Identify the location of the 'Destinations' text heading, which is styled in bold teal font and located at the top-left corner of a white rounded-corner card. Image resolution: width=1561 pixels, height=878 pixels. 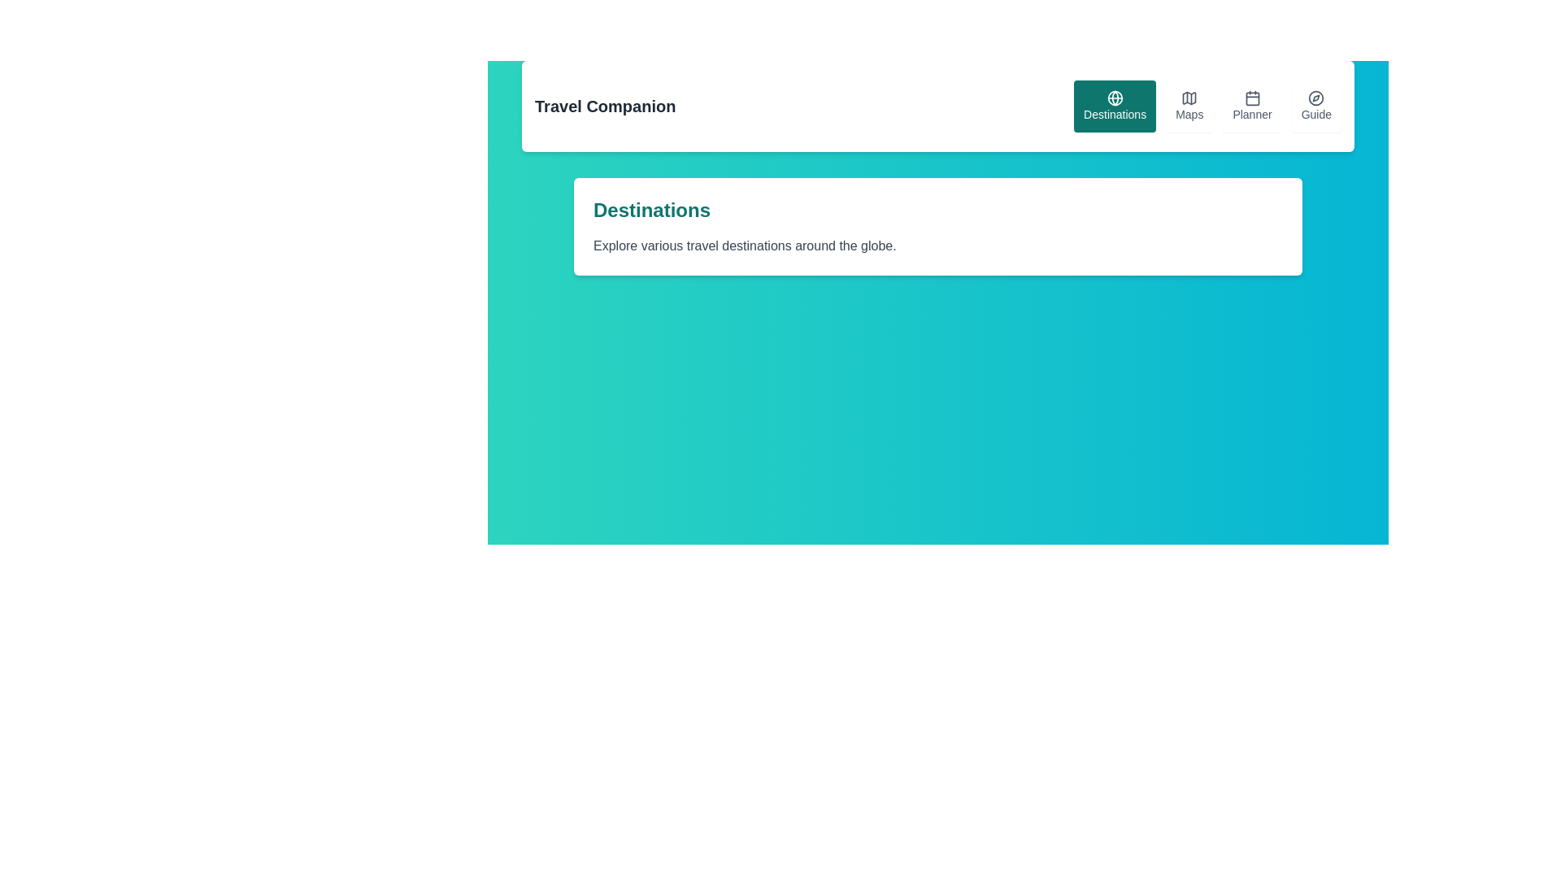
(651, 215).